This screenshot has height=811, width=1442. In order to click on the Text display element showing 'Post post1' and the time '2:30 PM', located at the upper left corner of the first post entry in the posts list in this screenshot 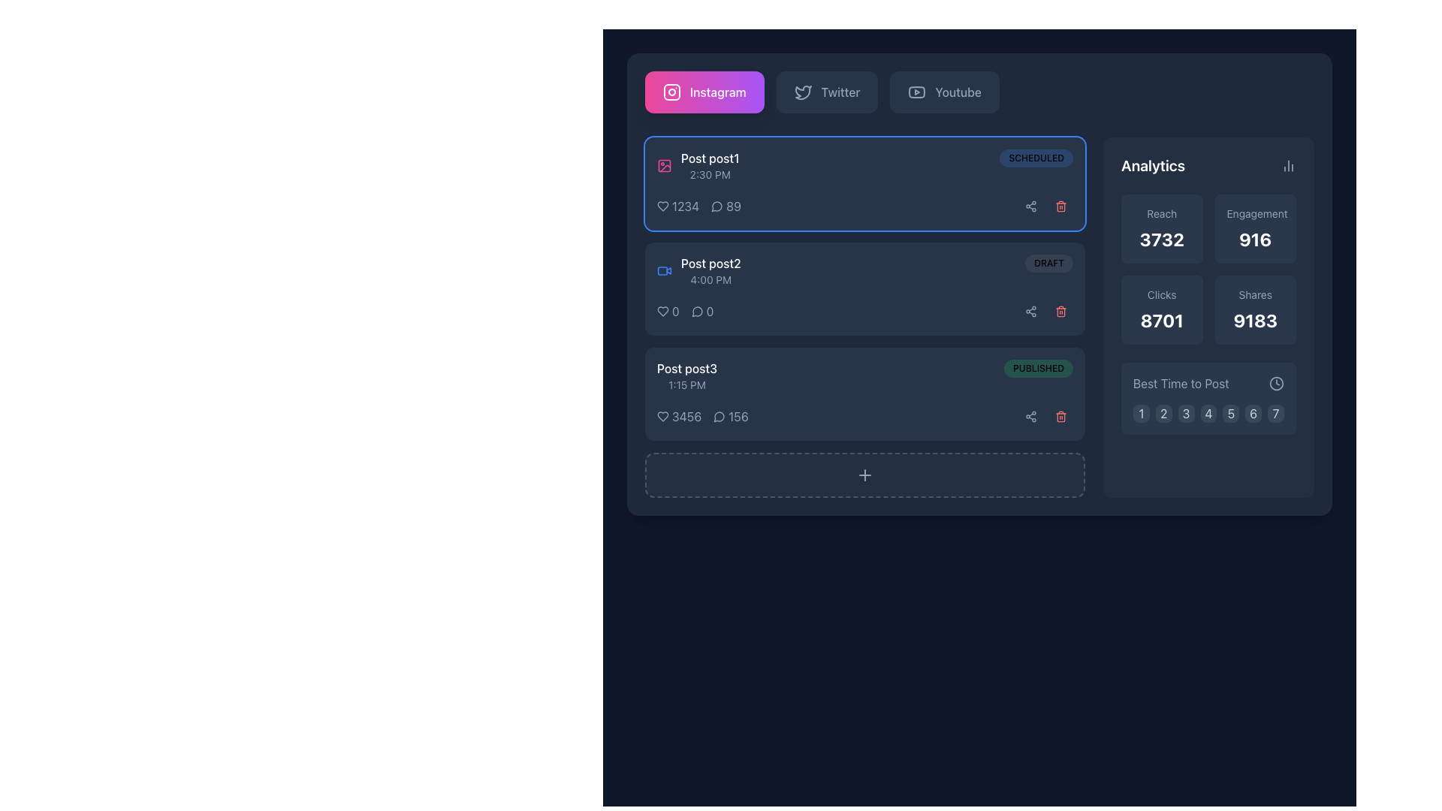, I will do `click(709, 165)`.